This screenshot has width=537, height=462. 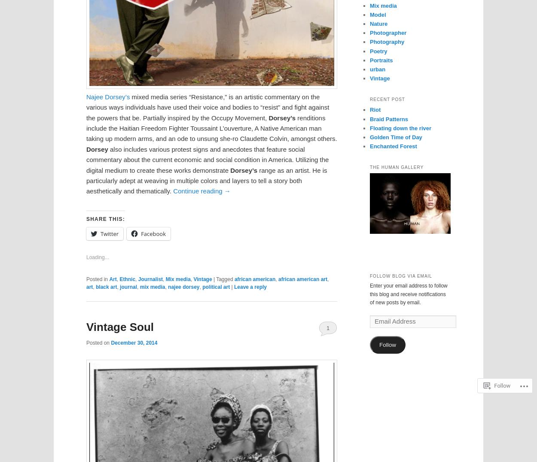 What do you see at coordinates (106, 287) in the screenshot?
I see `'black art'` at bounding box center [106, 287].